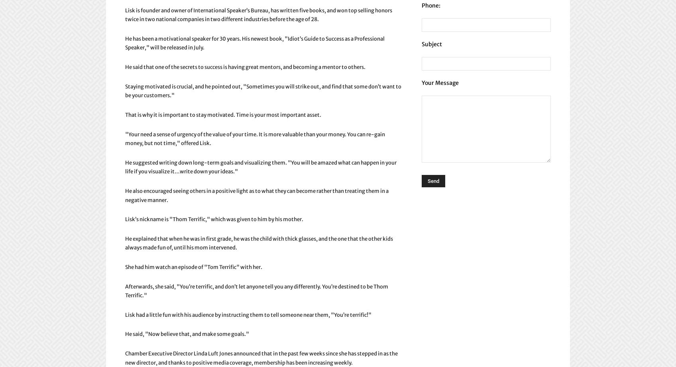 The height and width of the screenshot is (367, 676). I want to click on 'He also encouraged seeing others in a positive light as to what they can become rather than treating them in a negative manner.', so click(125, 194).